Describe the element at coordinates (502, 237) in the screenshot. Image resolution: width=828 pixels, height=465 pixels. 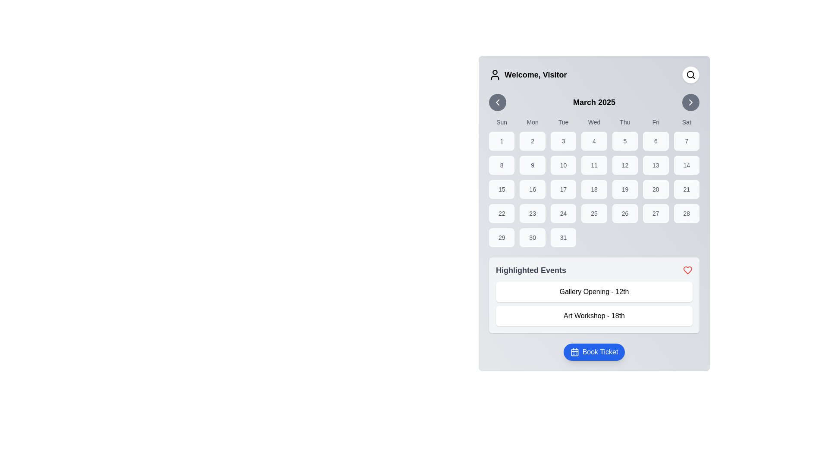
I see `the button-like element representing the 29th day in the calendar view` at that location.